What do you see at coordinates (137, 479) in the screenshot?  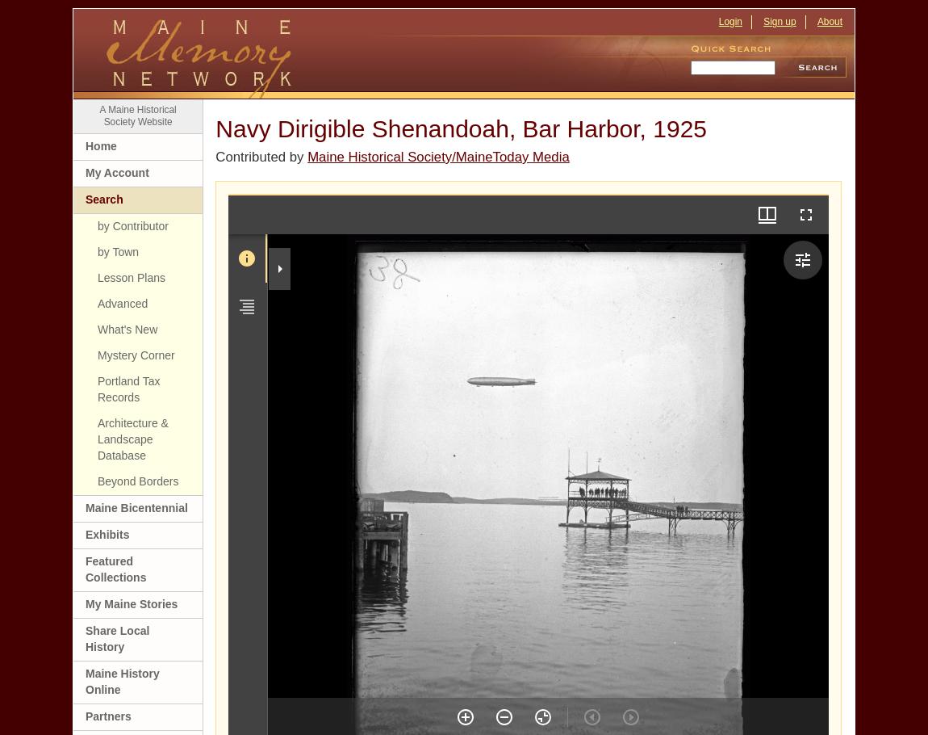 I see `'Beyond Borders'` at bounding box center [137, 479].